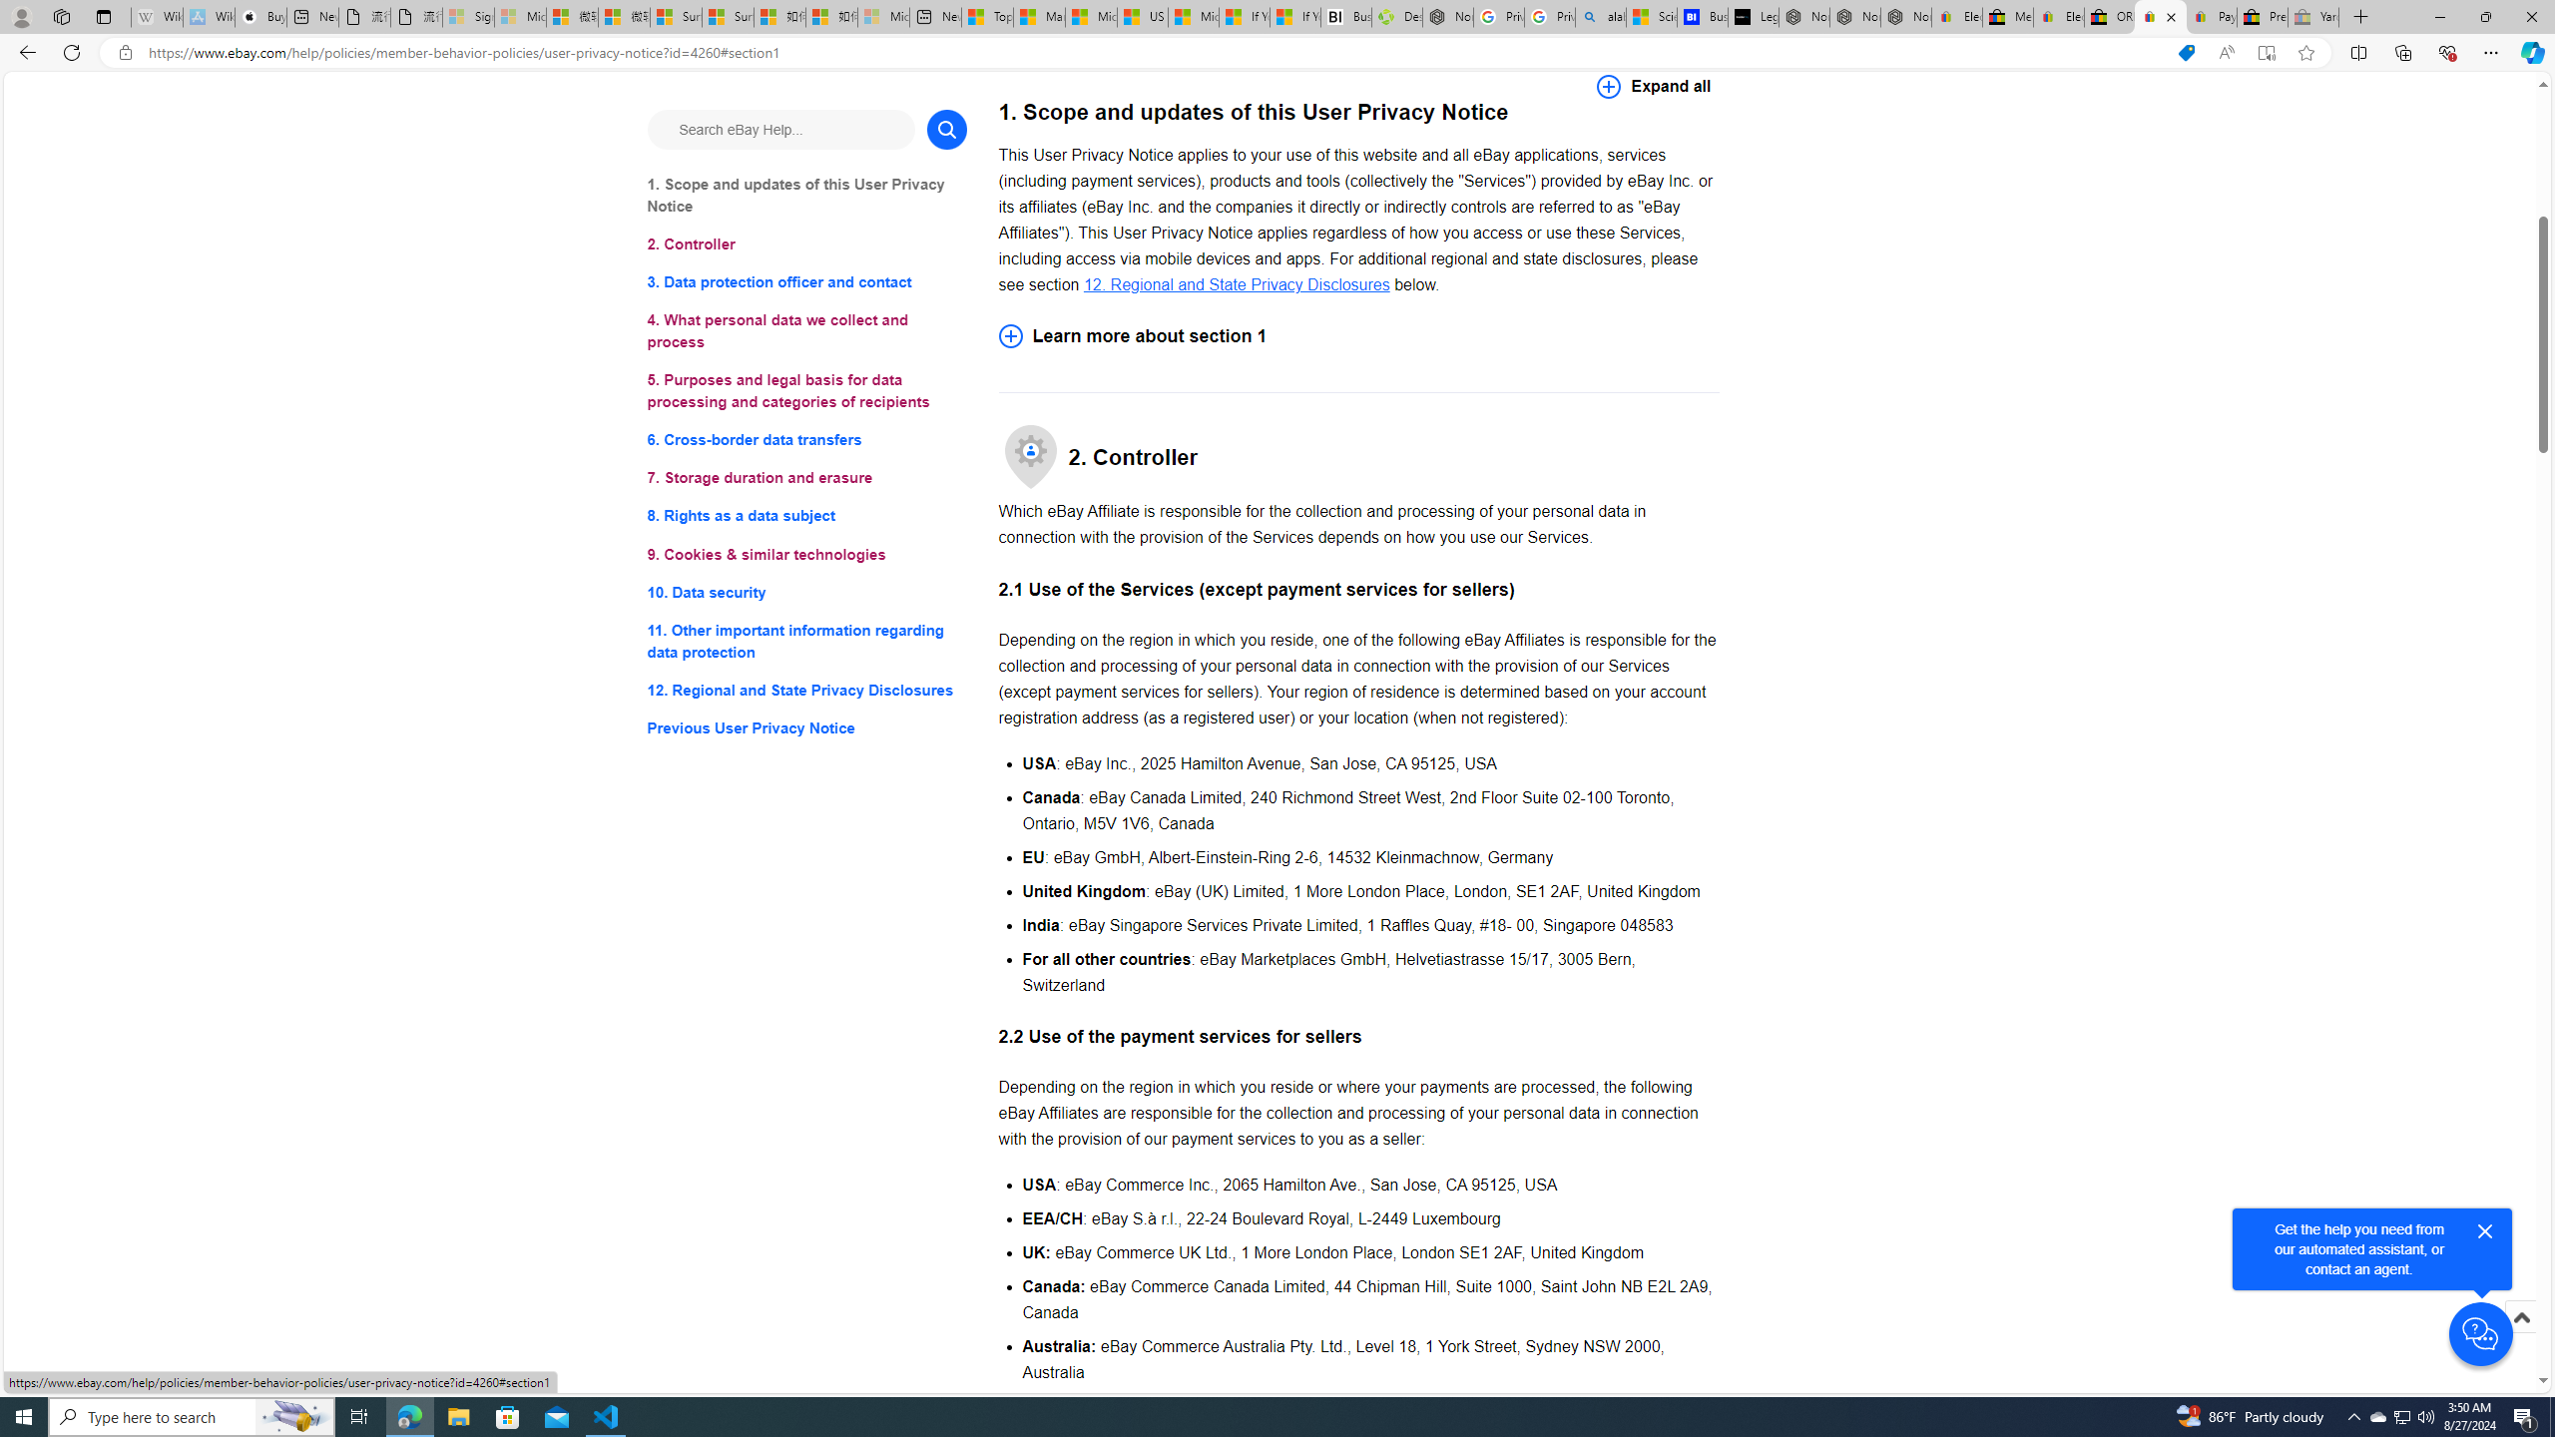 This screenshot has height=1437, width=2555. I want to click on '6. Cross-border data transfers', so click(805, 440).